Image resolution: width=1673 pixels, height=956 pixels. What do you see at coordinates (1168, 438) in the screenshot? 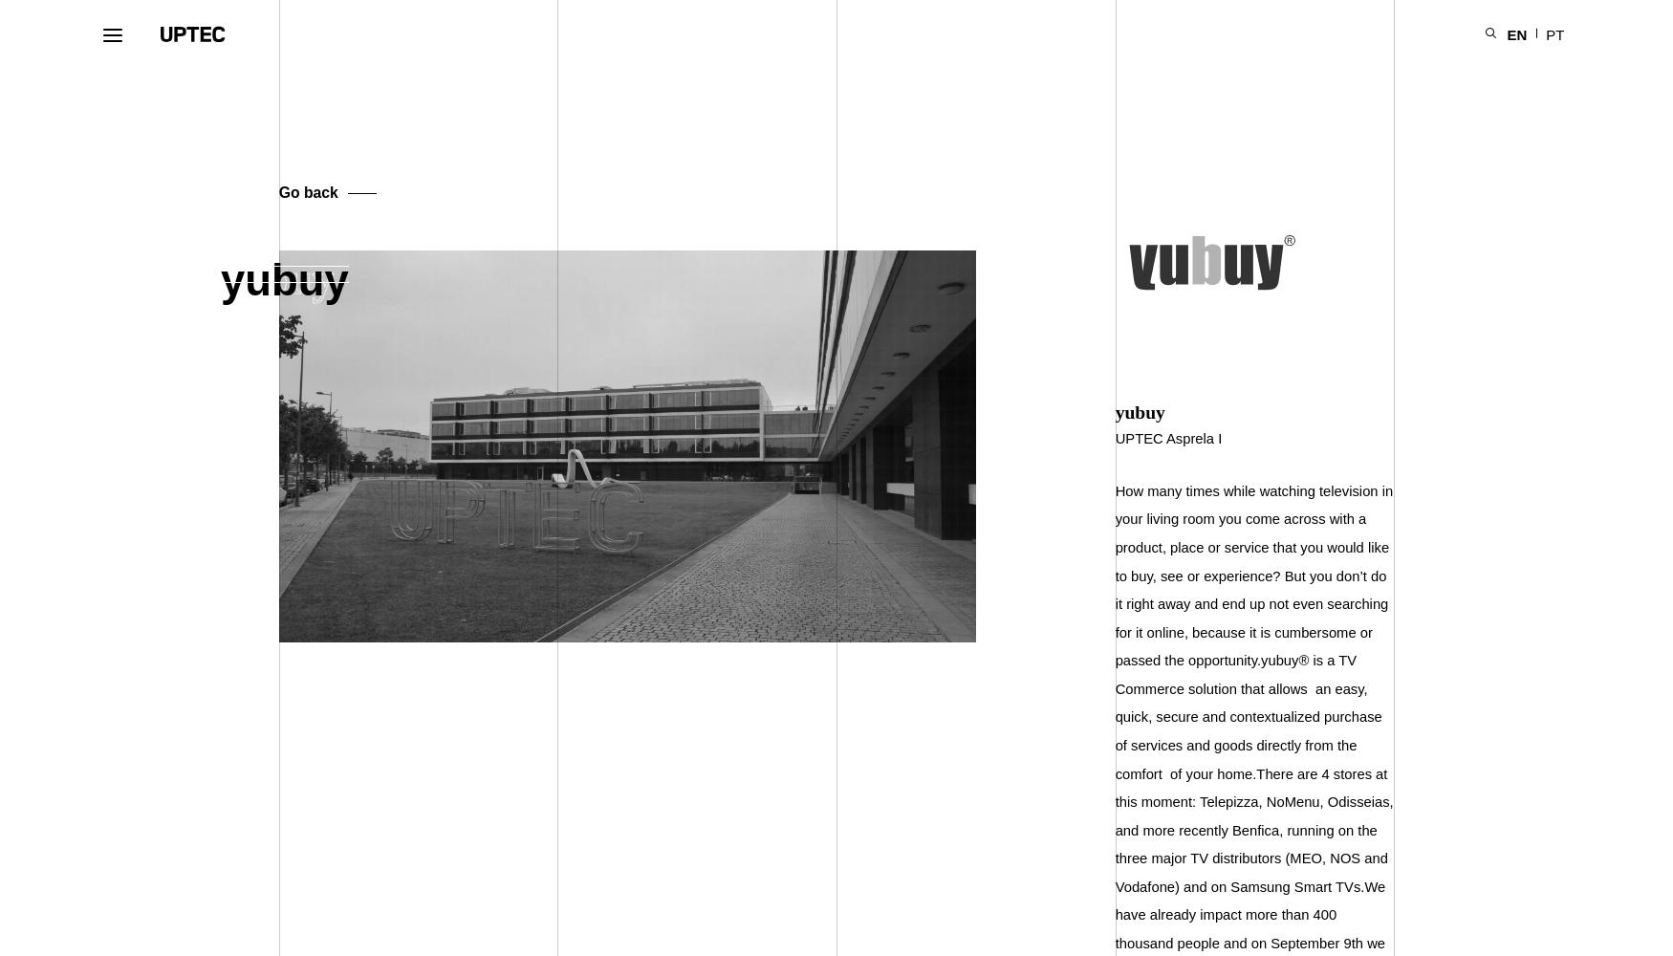
I see `'UPTEC Asprela I'` at bounding box center [1168, 438].